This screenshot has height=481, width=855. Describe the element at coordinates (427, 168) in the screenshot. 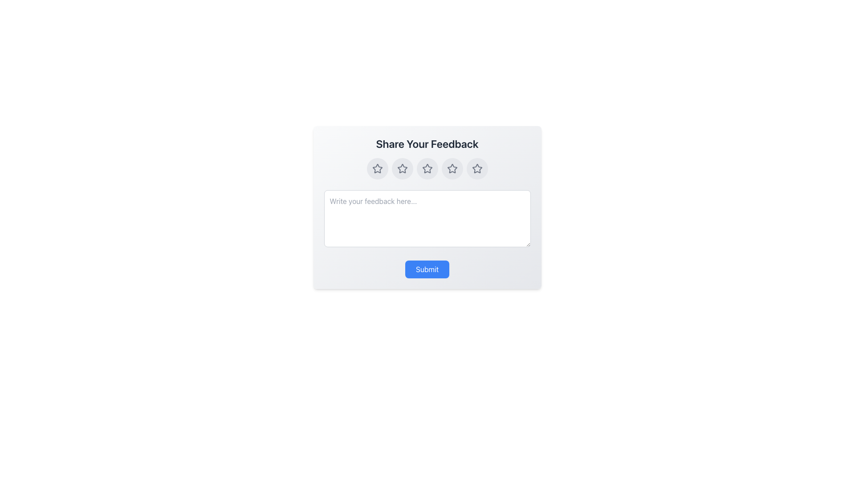

I see `the third star-shaped icon in the rating section, which is outlined in gray` at that location.